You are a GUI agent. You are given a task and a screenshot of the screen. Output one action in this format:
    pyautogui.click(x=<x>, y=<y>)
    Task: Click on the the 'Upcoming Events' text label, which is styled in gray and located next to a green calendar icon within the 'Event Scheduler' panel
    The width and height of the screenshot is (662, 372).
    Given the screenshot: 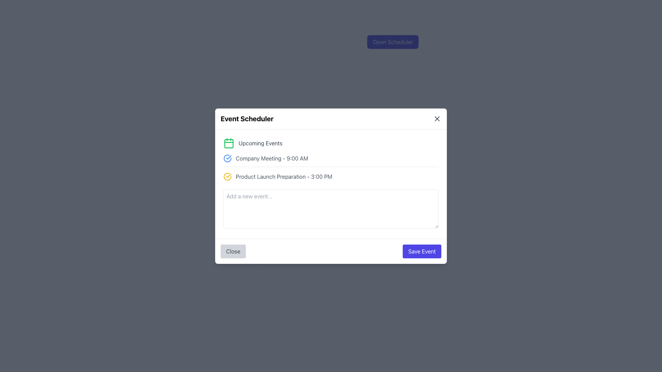 What is the action you would take?
    pyautogui.click(x=260, y=143)
    